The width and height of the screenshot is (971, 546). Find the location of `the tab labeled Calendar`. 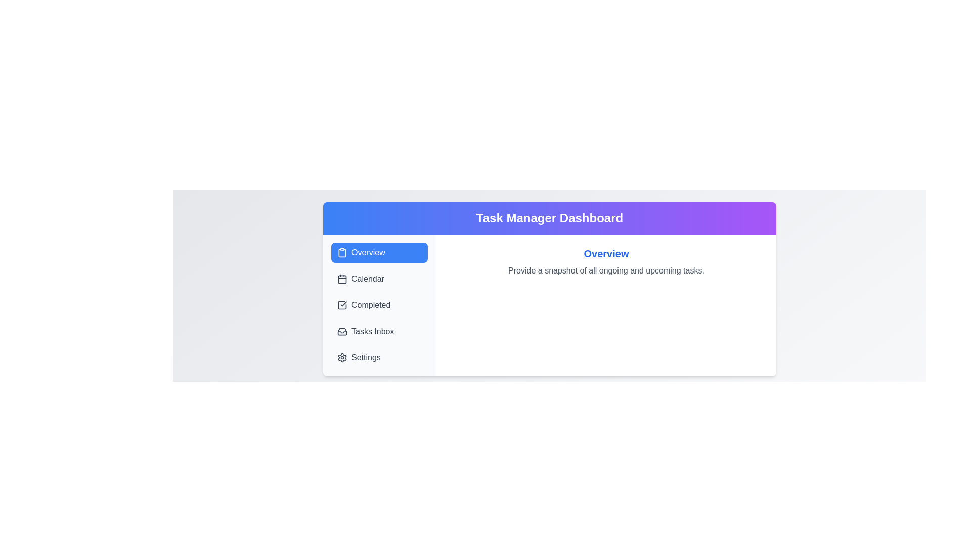

the tab labeled Calendar is located at coordinates (379, 279).